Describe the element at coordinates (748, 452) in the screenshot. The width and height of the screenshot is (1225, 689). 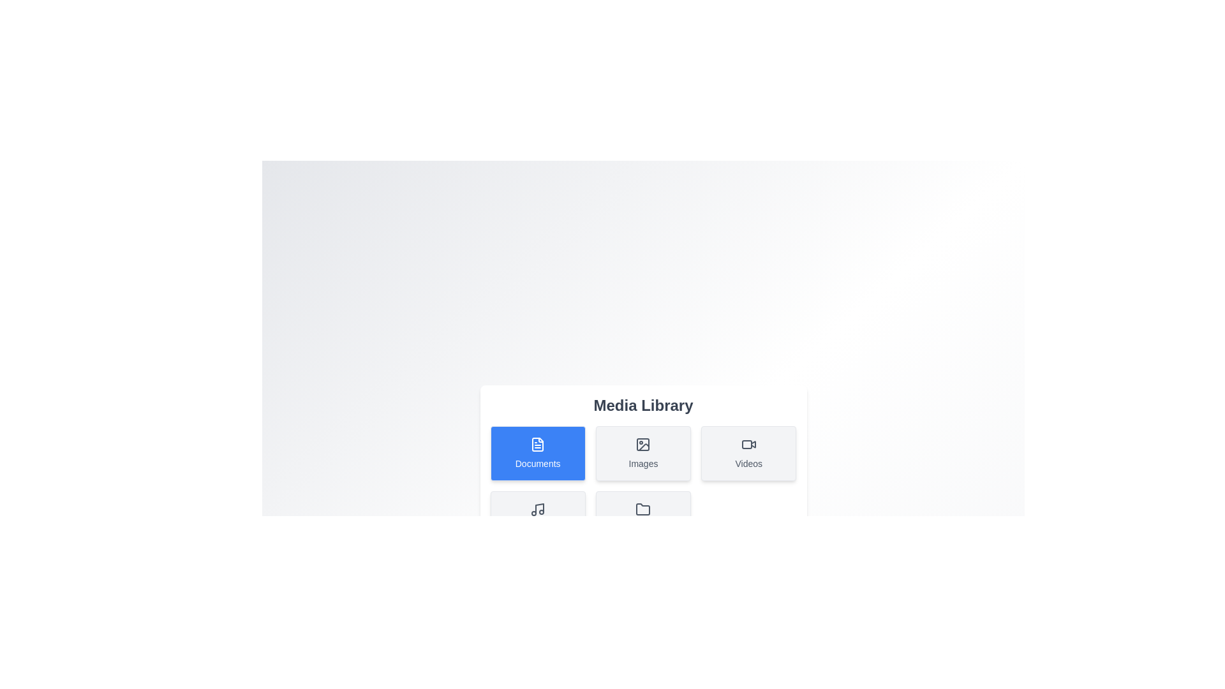
I see `the media category Videos by clicking its respective button` at that location.